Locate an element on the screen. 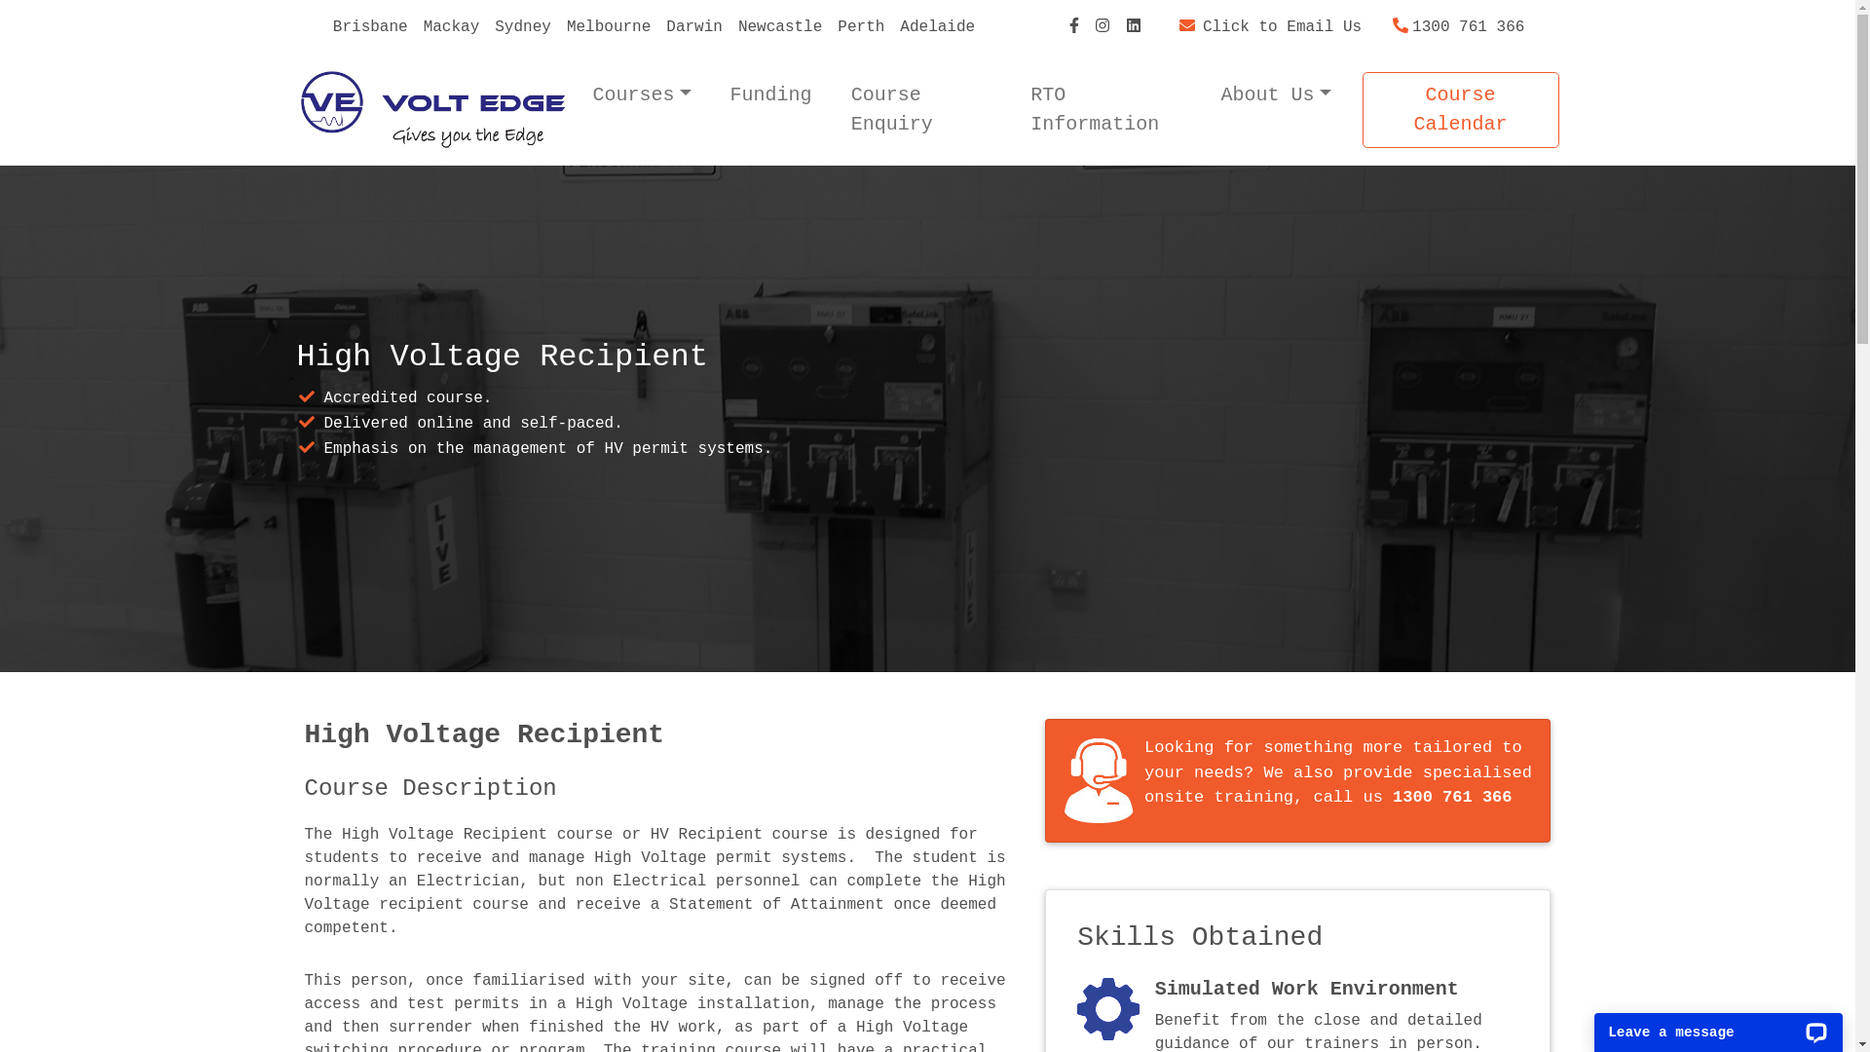 The image size is (1870, 1052). 'Click to Email Us' is located at coordinates (1270, 26).